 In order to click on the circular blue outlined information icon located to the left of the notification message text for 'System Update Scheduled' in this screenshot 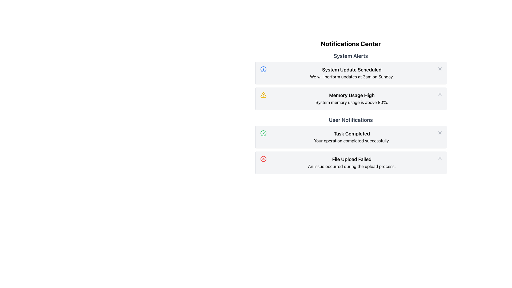, I will do `click(263, 69)`.